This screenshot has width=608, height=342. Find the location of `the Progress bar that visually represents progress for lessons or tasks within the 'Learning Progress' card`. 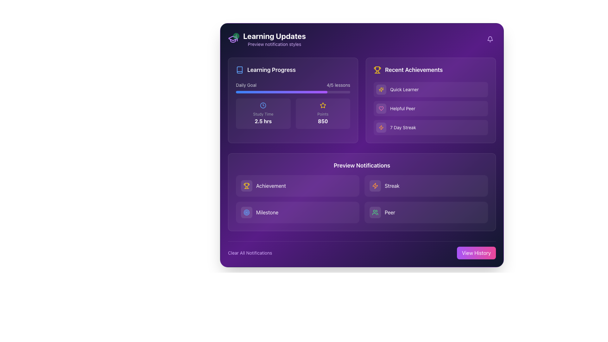

the Progress bar that visually represents progress for lessons or tasks within the 'Learning Progress' card is located at coordinates (281, 92).